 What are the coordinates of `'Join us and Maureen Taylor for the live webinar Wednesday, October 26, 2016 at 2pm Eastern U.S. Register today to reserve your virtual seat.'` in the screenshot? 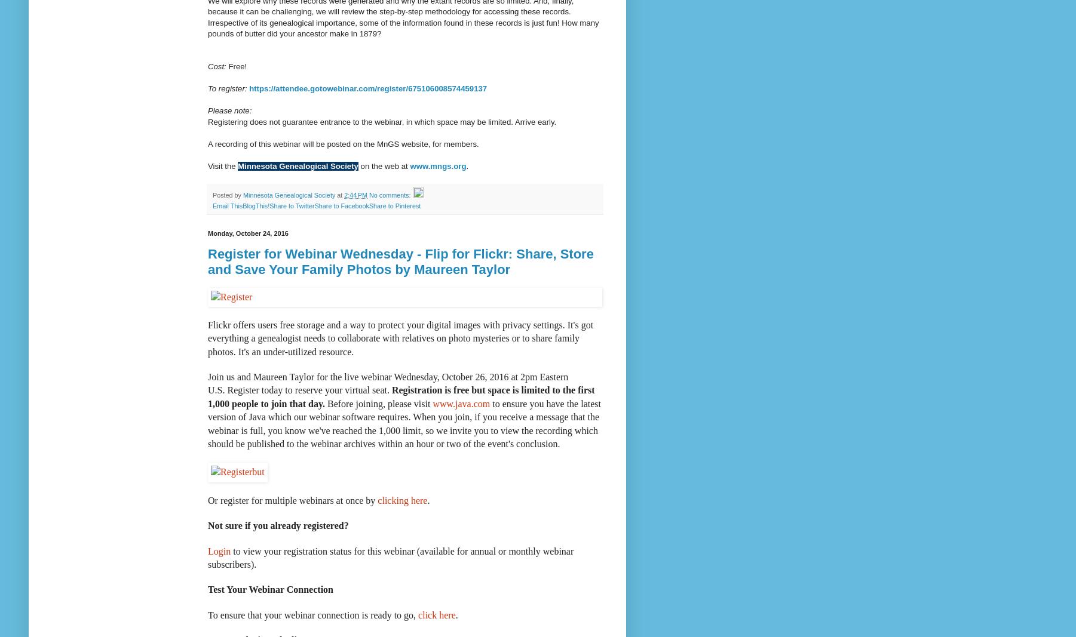 It's located at (387, 383).